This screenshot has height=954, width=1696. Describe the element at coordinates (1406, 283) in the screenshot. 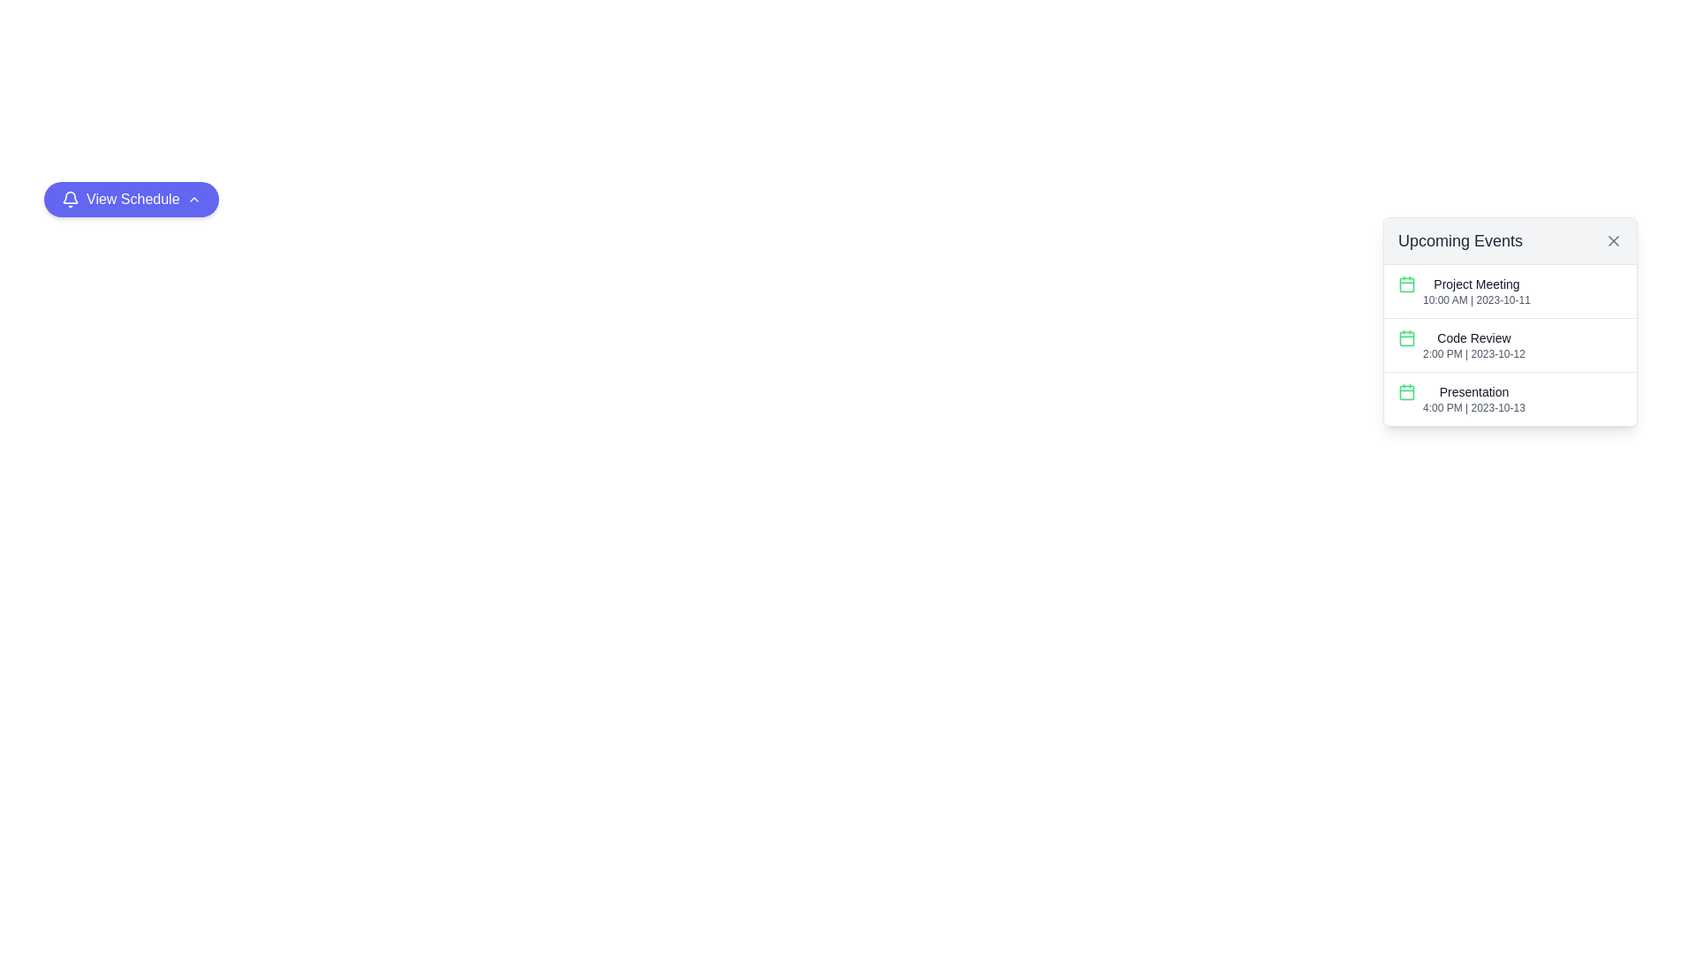

I see `the small green calendar icon located in the 'Upcoming Events' section, representing the 'Project Meeting' event` at that location.